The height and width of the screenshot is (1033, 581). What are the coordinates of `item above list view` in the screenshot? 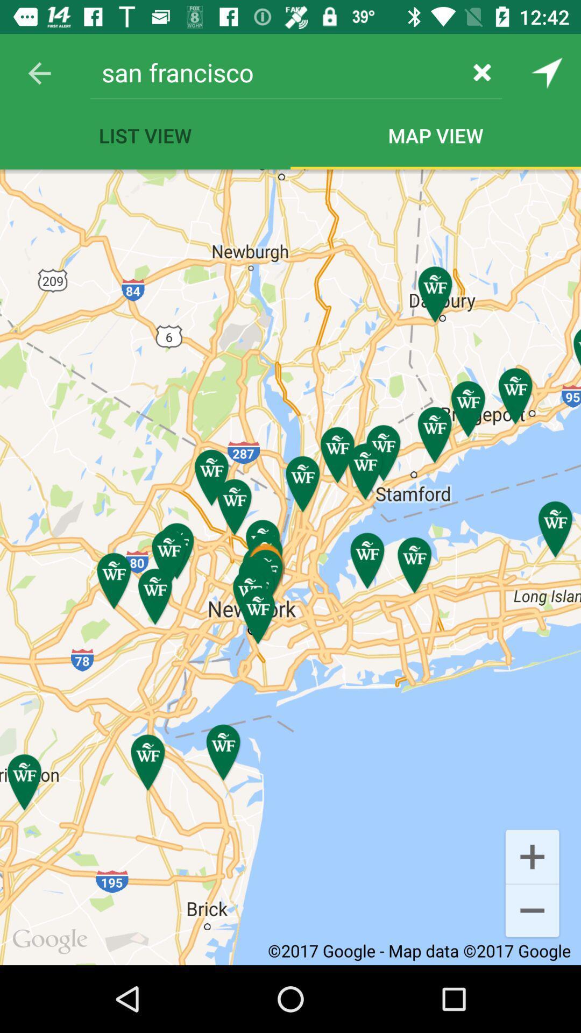 It's located at (275, 72).